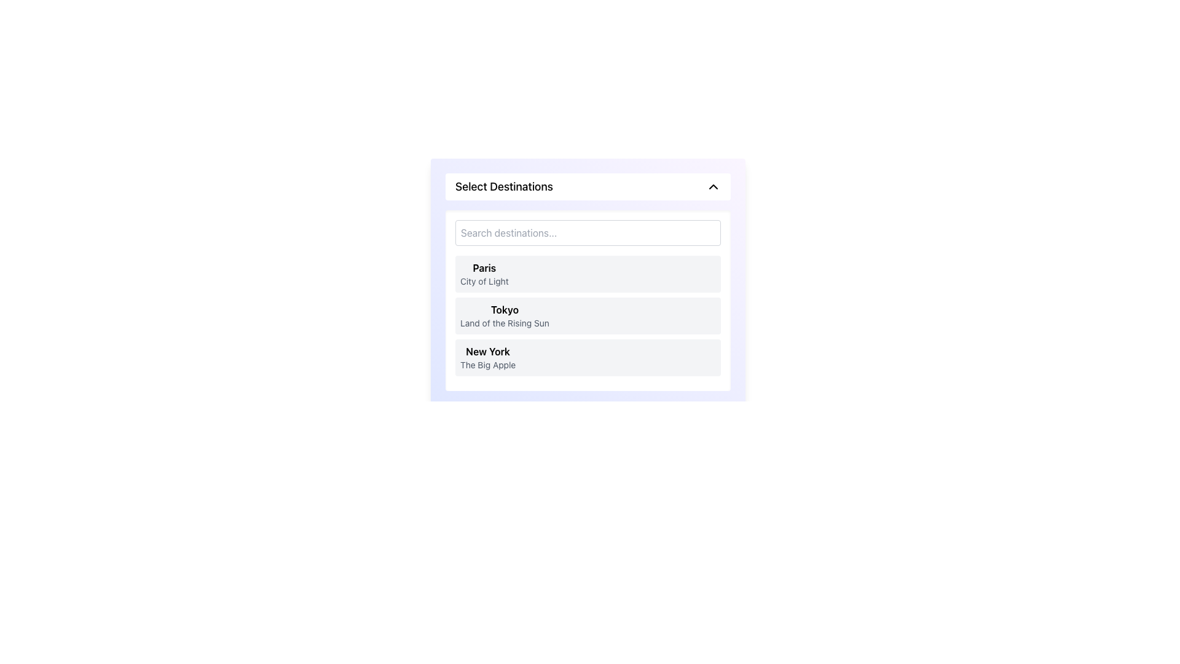 The image size is (1180, 664). What do you see at coordinates (487, 351) in the screenshot?
I see `the 'New York' text label in the dropdown menu under 'Select Destinations', which is styled in bold, medium-sized text and is the first line of a grouped pair` at bounding box center [487, 351].